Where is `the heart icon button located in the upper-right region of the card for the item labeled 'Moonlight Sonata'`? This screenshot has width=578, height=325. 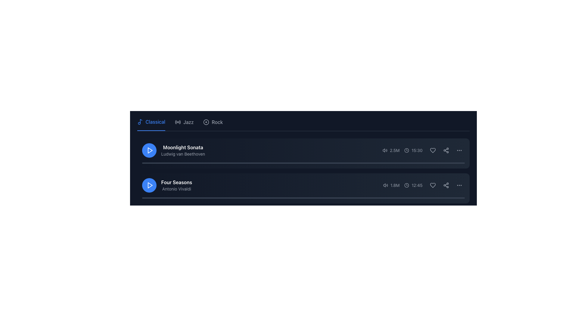
the heart icon button located in the upper-right region of the card for the item labeled 'Moonlight Sonata' is located at coordinates (432, 150).